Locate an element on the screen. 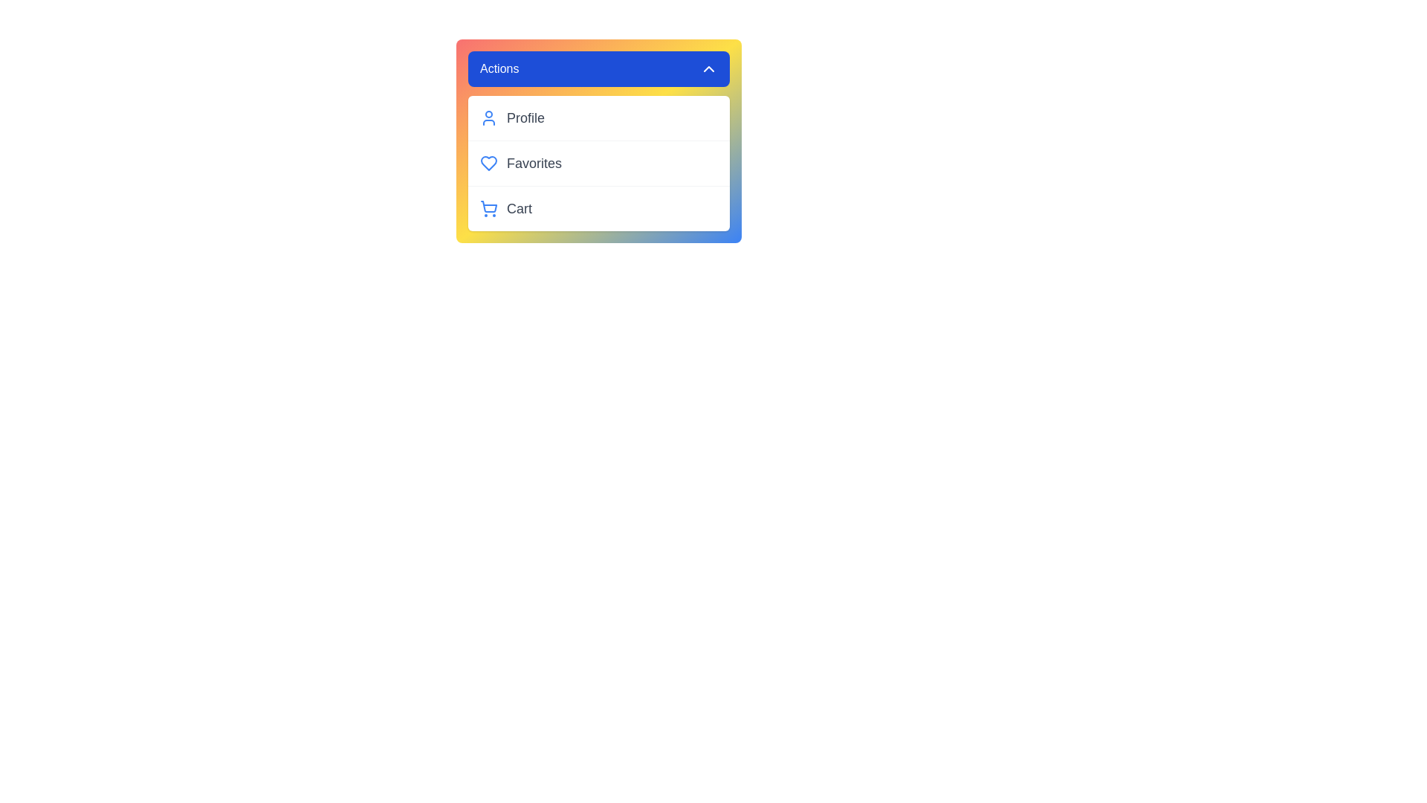  the chevron-up icon, which is located in the top-right corner of the 'Actions' button, styled with a thin stroke and a solid blue background is located at coordinates (708, 68).